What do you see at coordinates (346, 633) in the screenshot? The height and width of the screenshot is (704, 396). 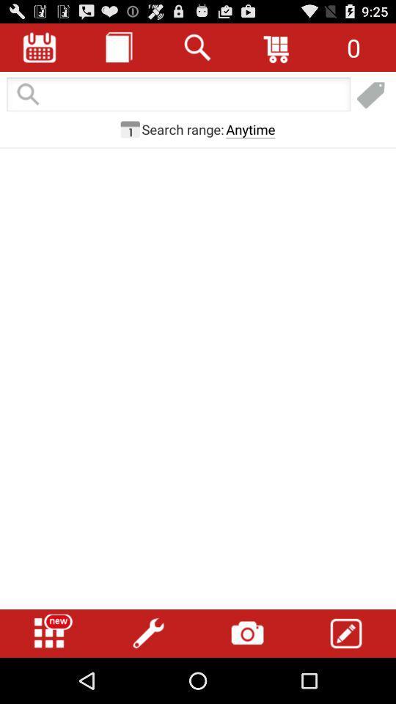 I see `button at the bottom right corner` at bounding box center [346, 633].